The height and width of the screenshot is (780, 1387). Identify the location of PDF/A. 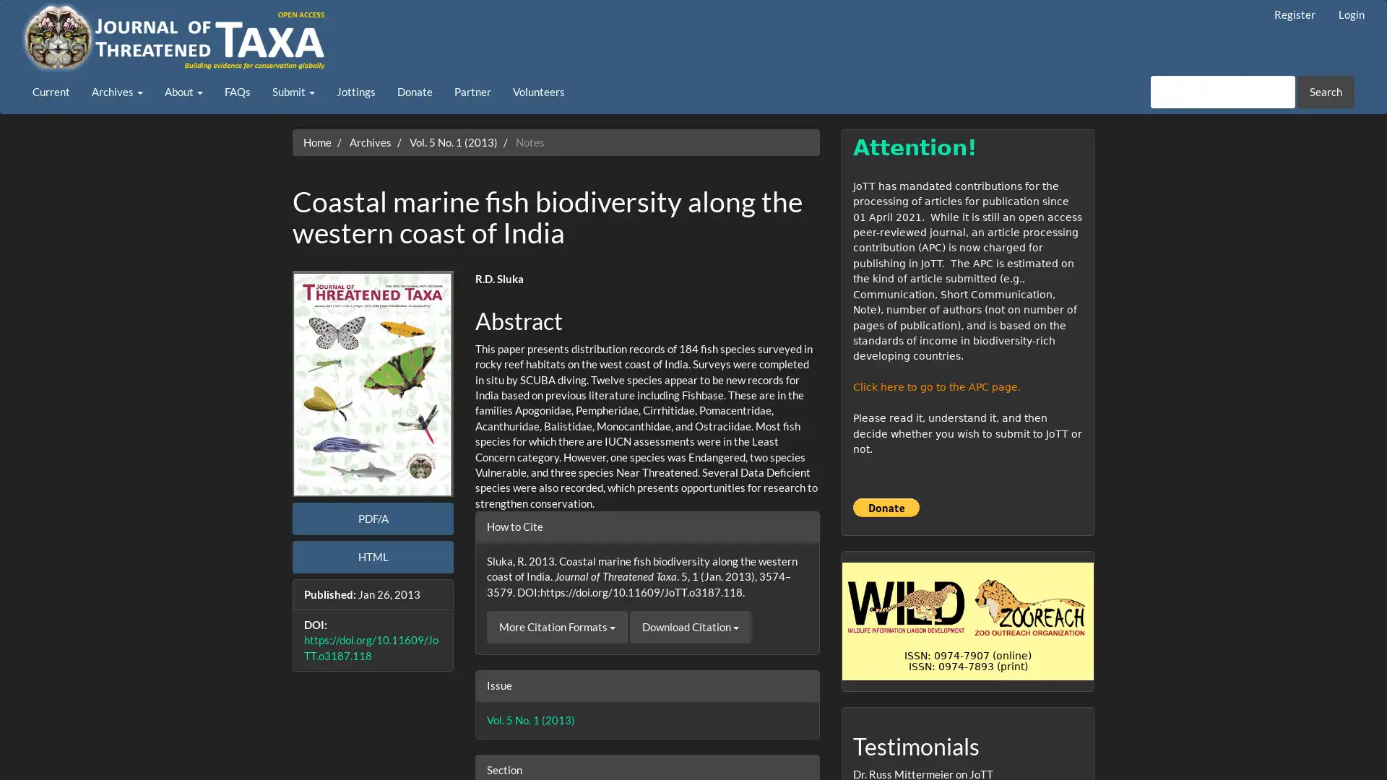
(373, 517).